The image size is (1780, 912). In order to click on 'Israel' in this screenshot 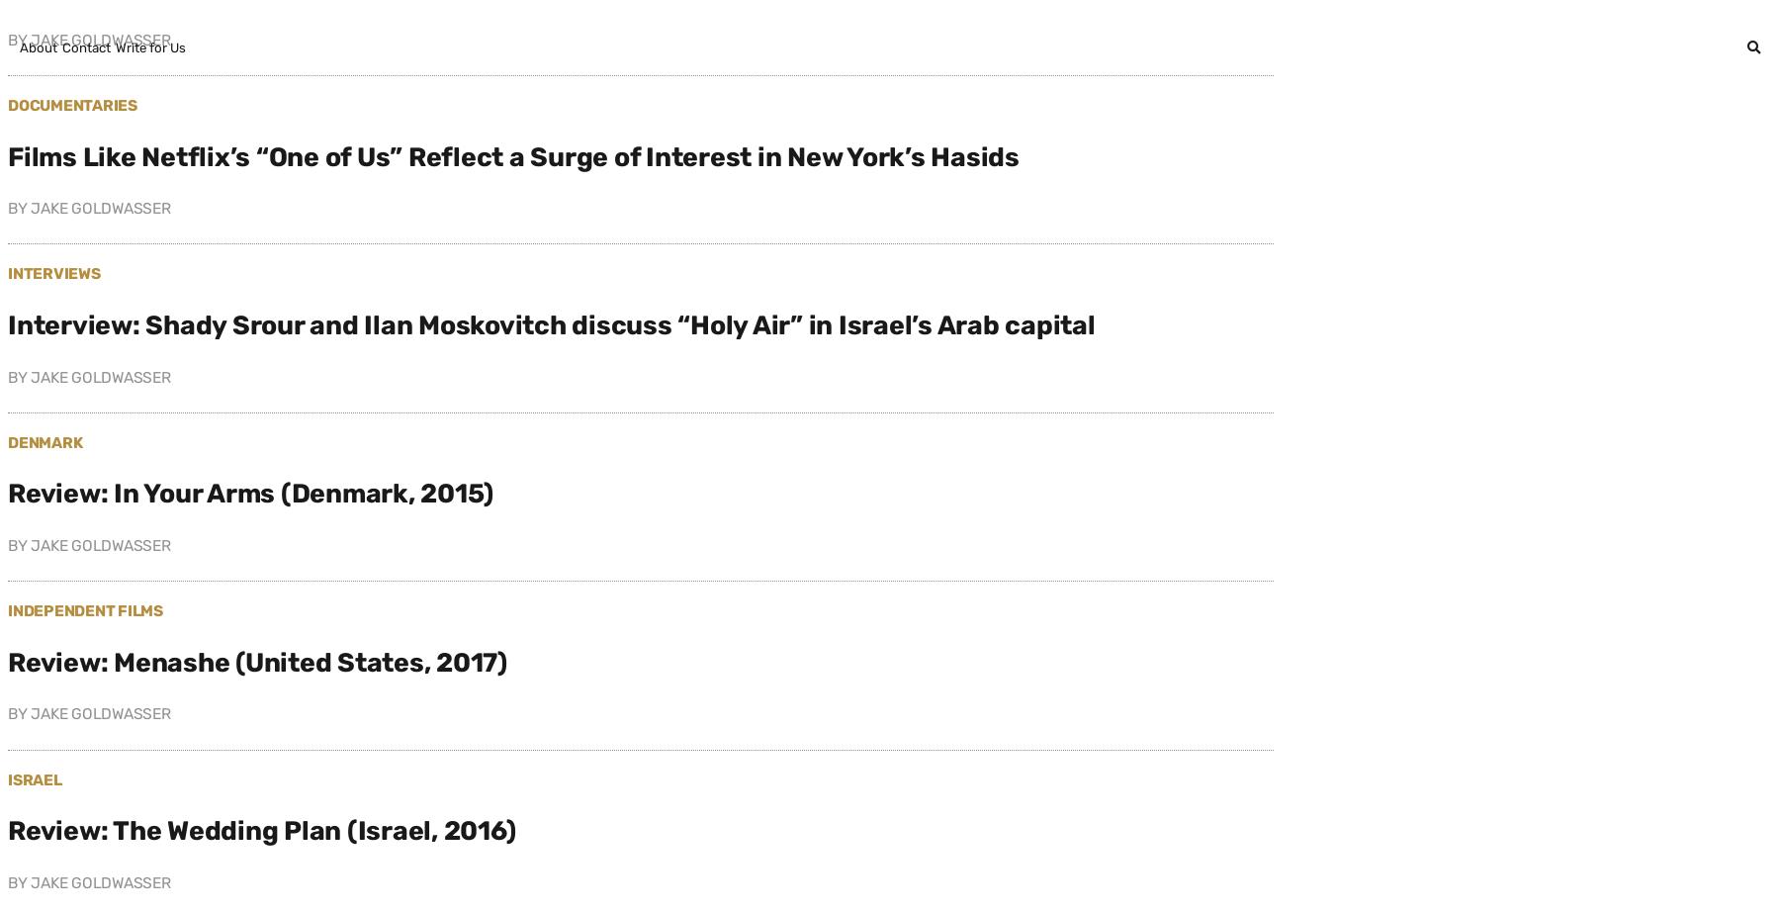, I will do `click(33, 777)`.